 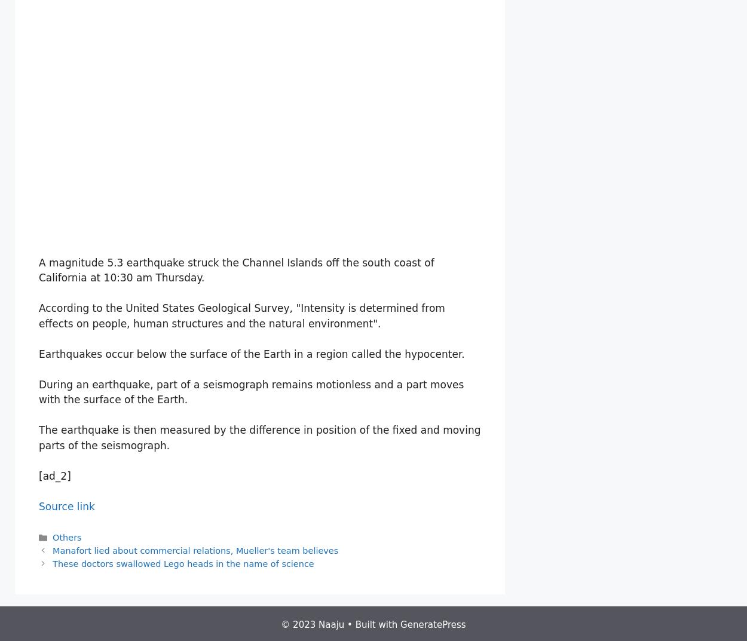 What do you see at coordinates (183, 563) in the screenshot?
I see `'These doctors swallowed Lego heads in the name of science'` at bounding box center [183, 563].